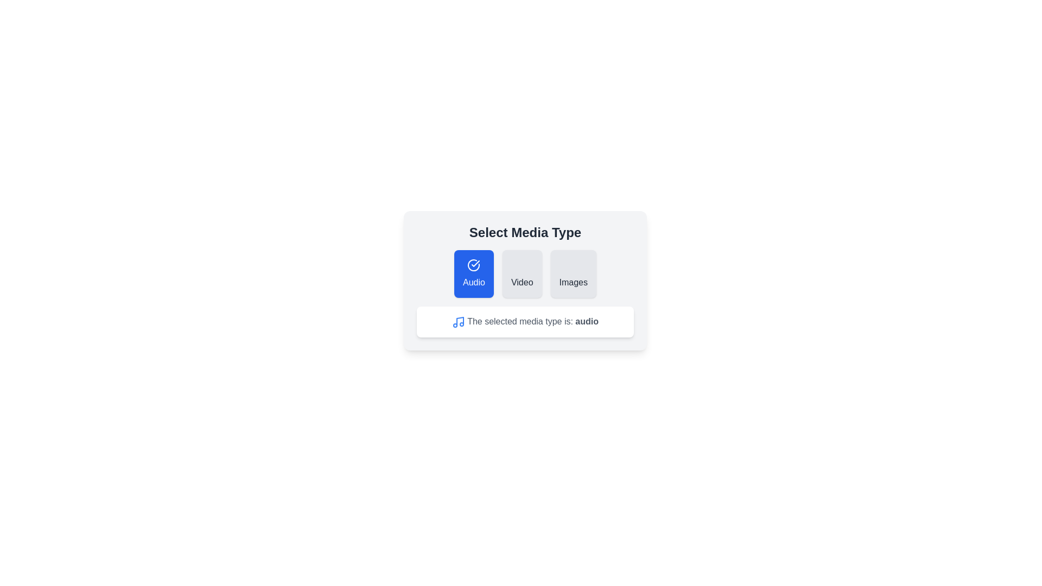 The image size is (1042, 586). I want to click on the second button labeled 'Video', so click(522, 273).